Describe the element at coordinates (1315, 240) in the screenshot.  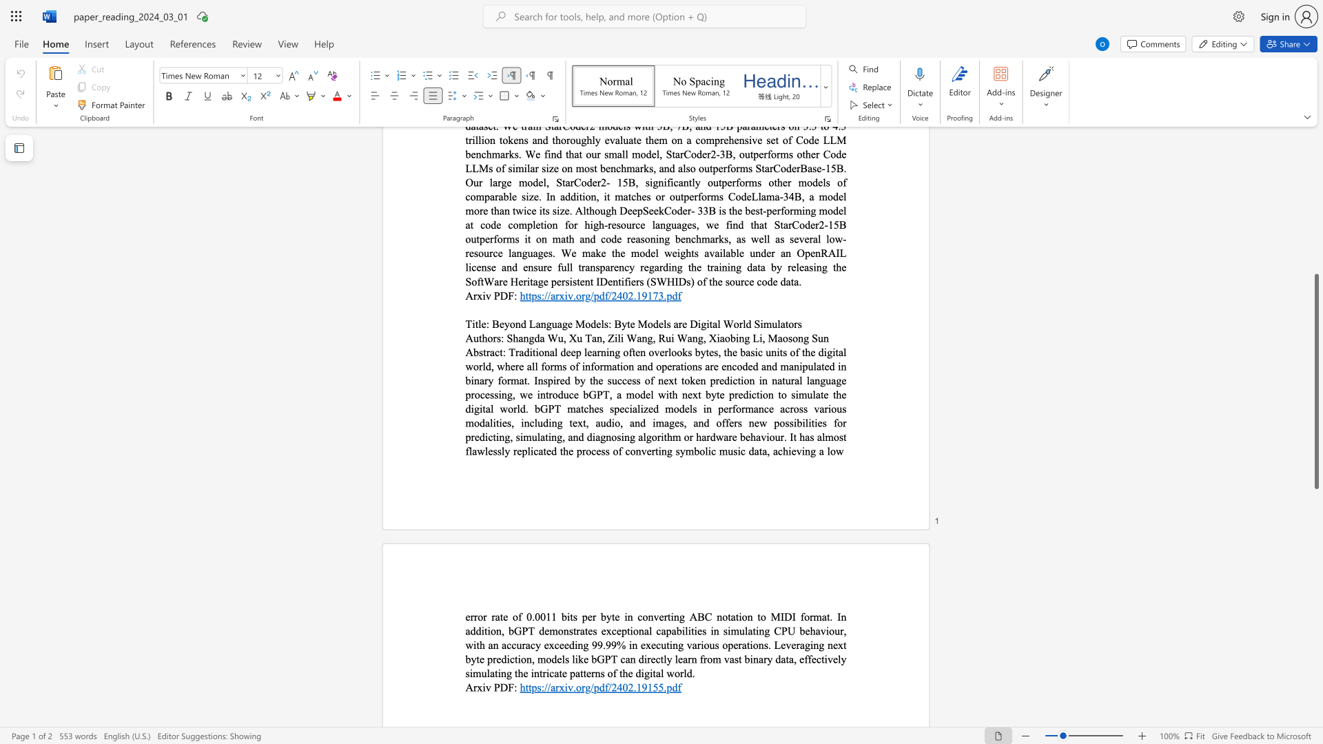
I see `the scrollbar on the side` at that location.